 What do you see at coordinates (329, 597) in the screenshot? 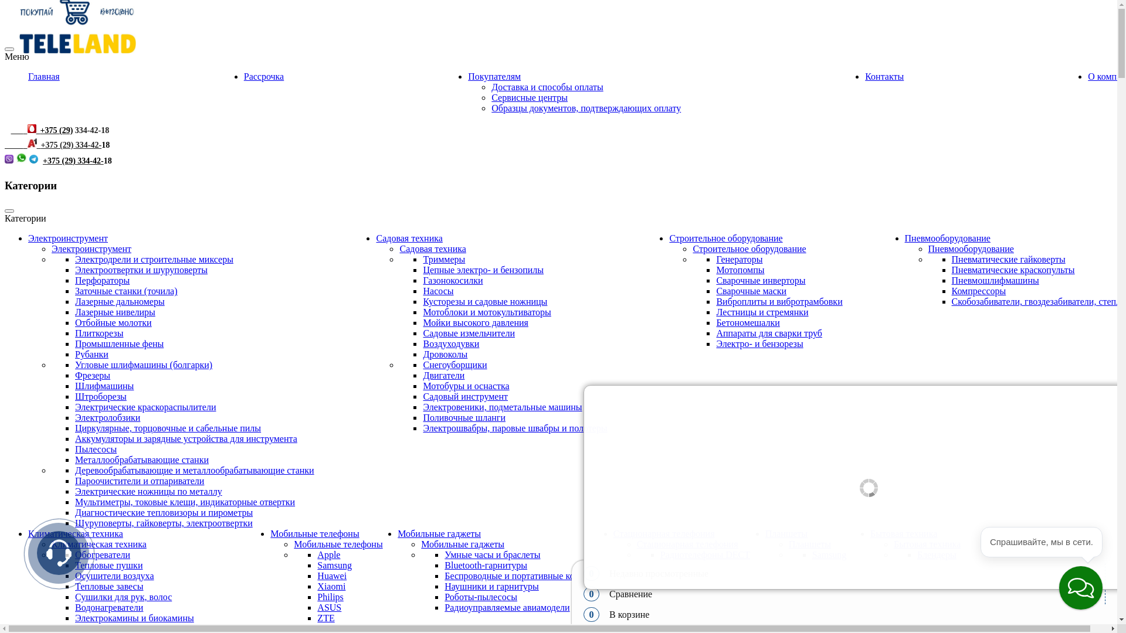
I see `'Philips'` at bounding box center [329, 597].